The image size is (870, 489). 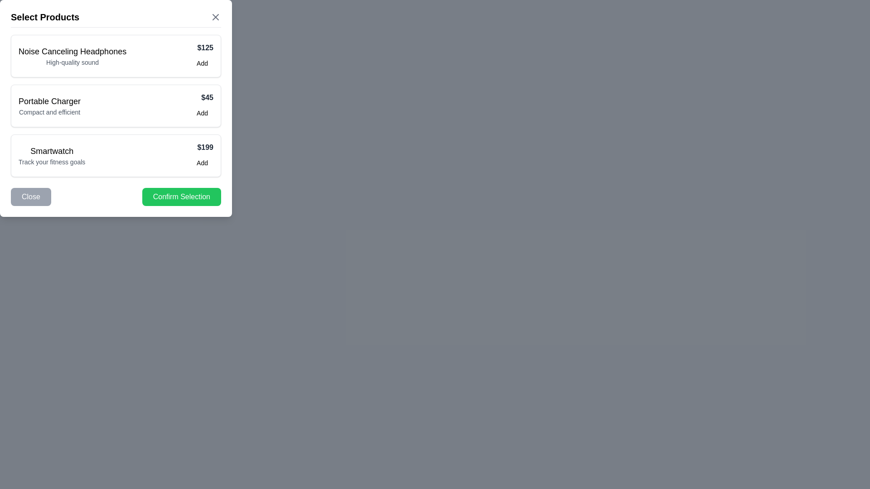 I want to click on the product title label for 'Smartwatch' located at the top of the list item, aligned to the left above the descriptive text, so click(x=51, y=151).